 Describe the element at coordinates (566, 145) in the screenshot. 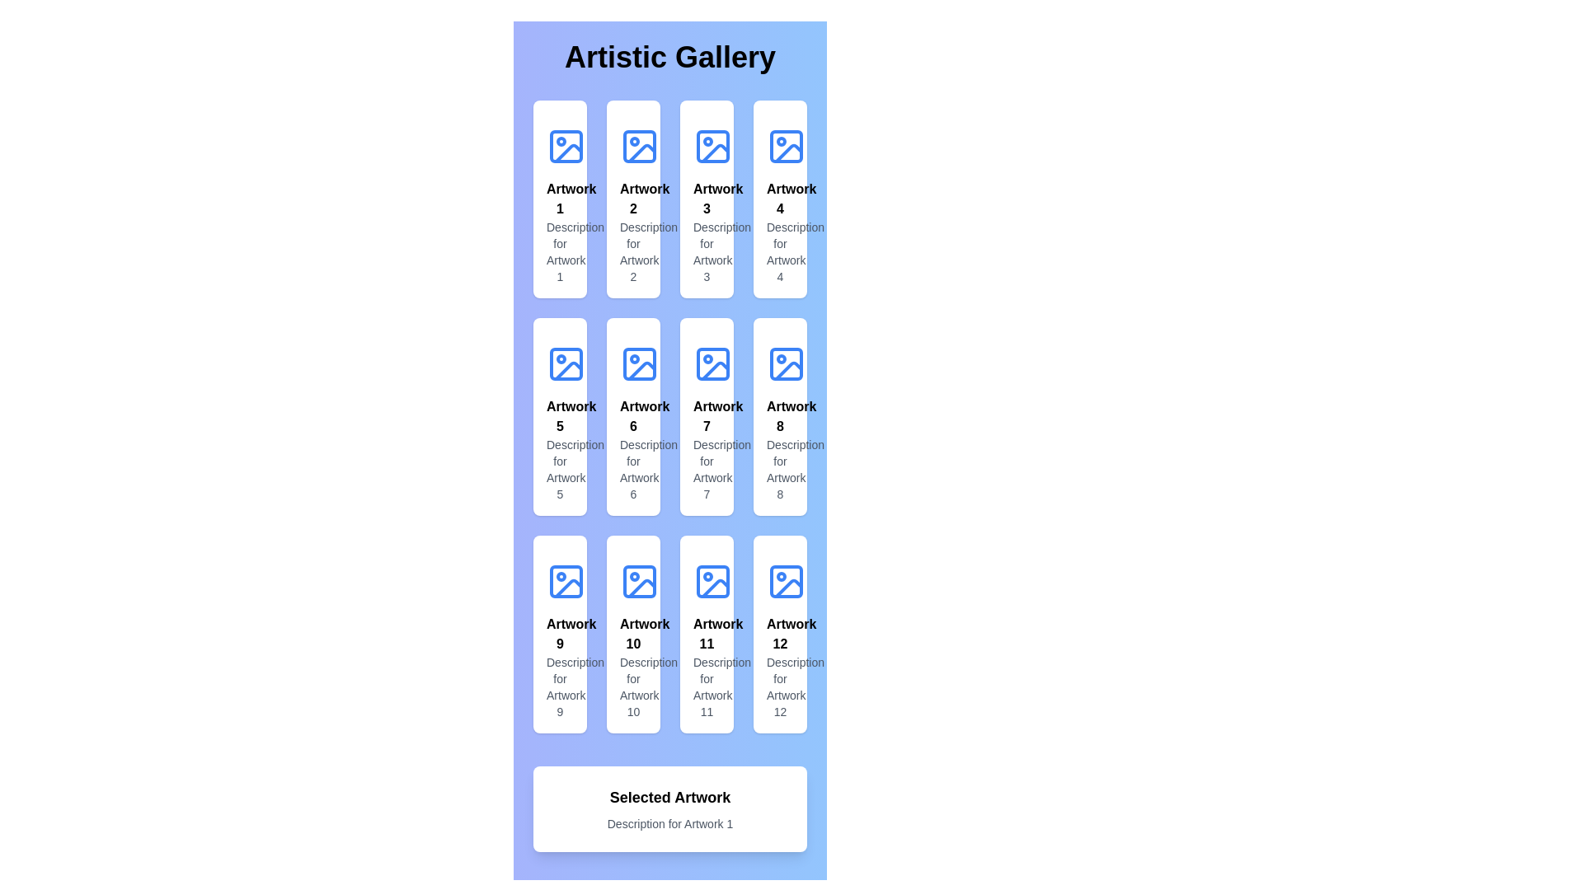

I see `the blue picture frame icon with a circle inside, located in the top-left corner of the grid under 'Artwork 1'` at that location.